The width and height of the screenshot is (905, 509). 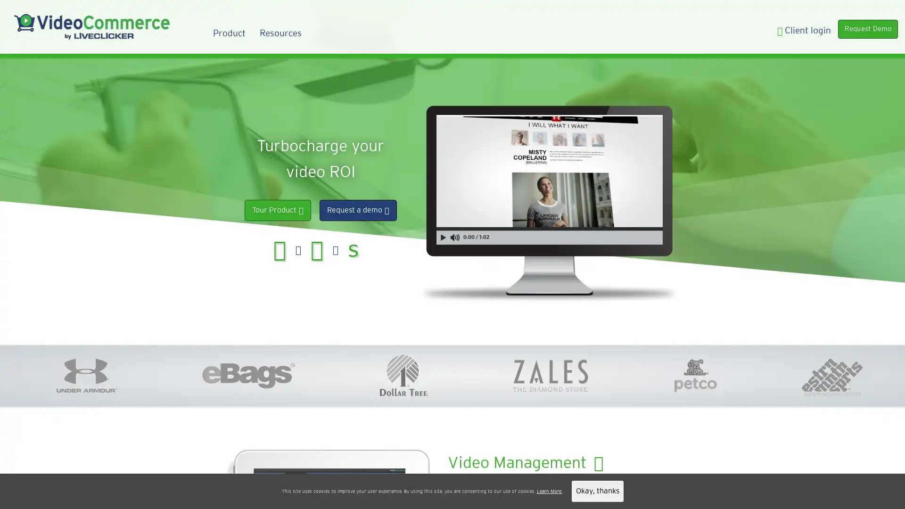 I want to click on Tour Product, so click(x=277, y=209).